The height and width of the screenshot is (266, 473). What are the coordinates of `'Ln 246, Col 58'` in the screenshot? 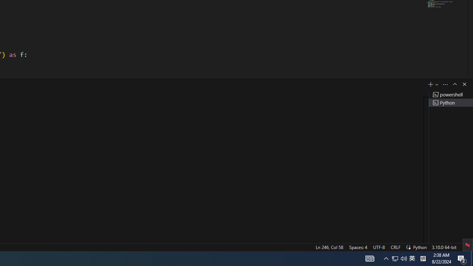 It's located at (329, 247).